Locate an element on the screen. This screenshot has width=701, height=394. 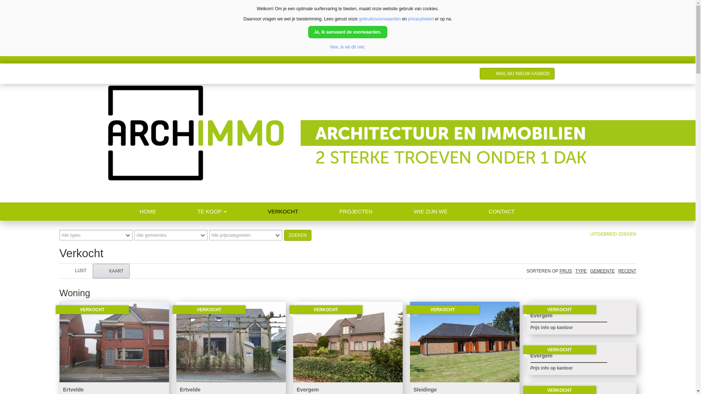
'CONTACT' is located at coordinates (522, 211).